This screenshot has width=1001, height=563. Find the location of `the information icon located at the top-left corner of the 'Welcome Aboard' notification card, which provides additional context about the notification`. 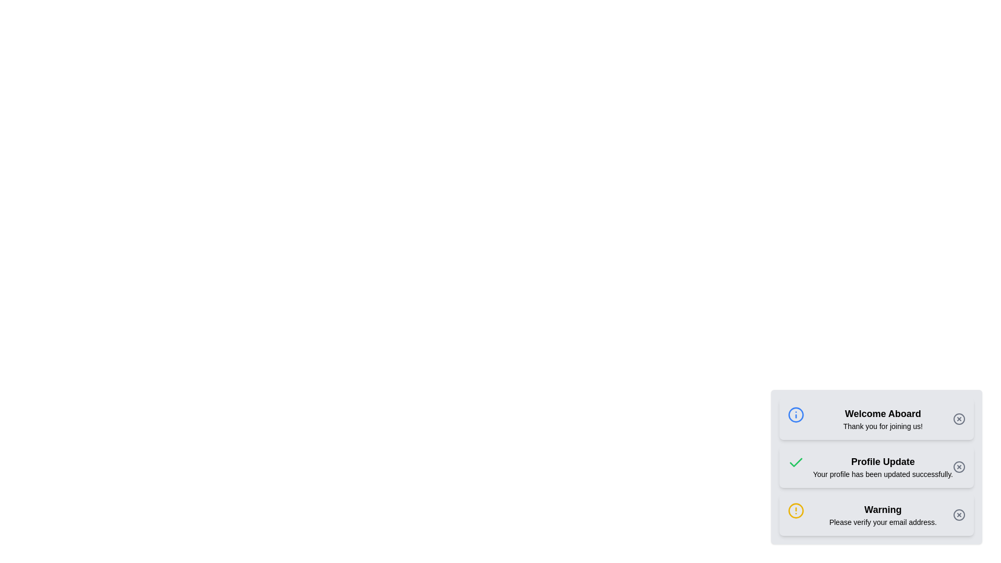

the information icon located at the top-left corner of the 'Welcome Aboard' notification card, which provides additional context about the notification is located at coordinates (796, 414).